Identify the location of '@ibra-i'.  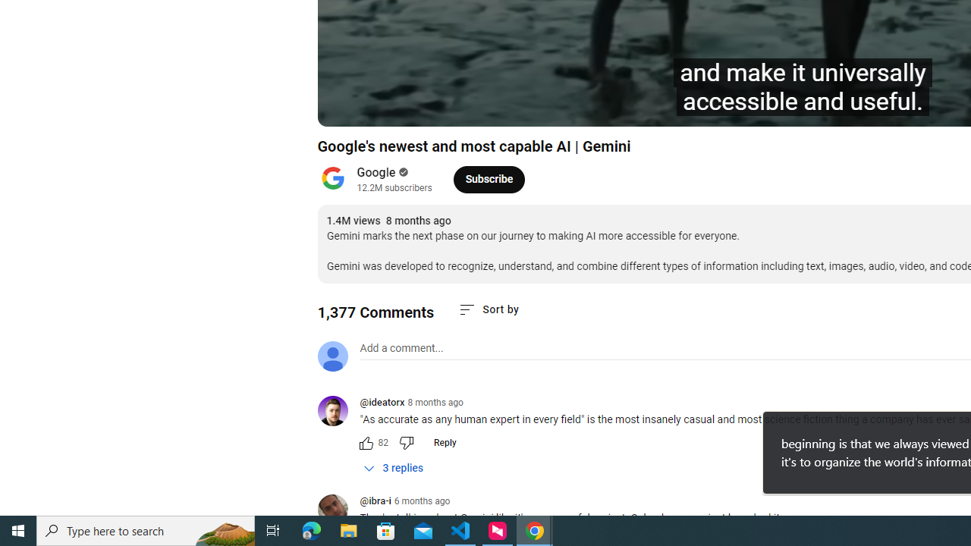
(375, 502).